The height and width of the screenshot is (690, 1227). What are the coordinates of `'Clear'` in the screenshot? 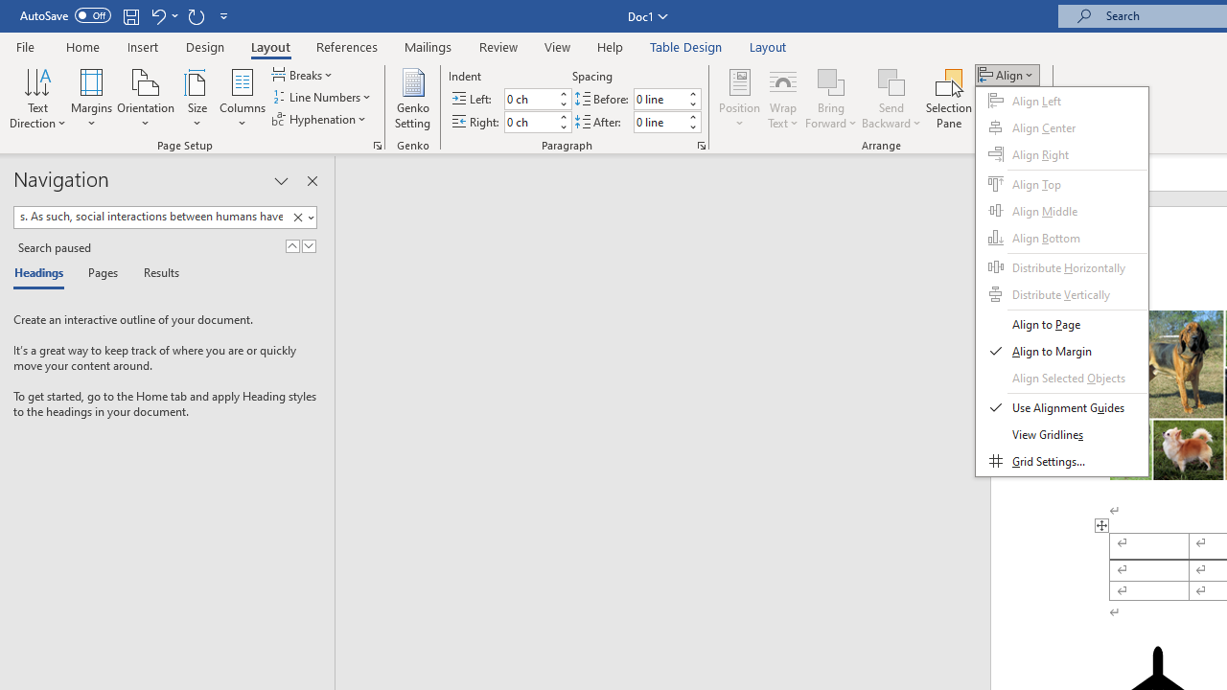 It's located at (297, 217).